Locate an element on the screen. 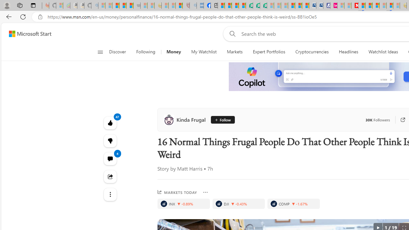 This screenshot has height=230, width=409. 'Local - MSN' is located at coordinates (179, 5).